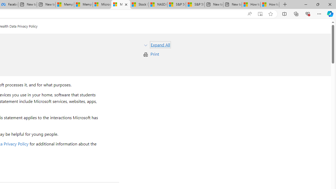 The height and width of the screenshot is (189, 336). What do you see at coordinates (126, 4) in the screenshot?
I see `'Close tab'` at bounding box center [126, 4].